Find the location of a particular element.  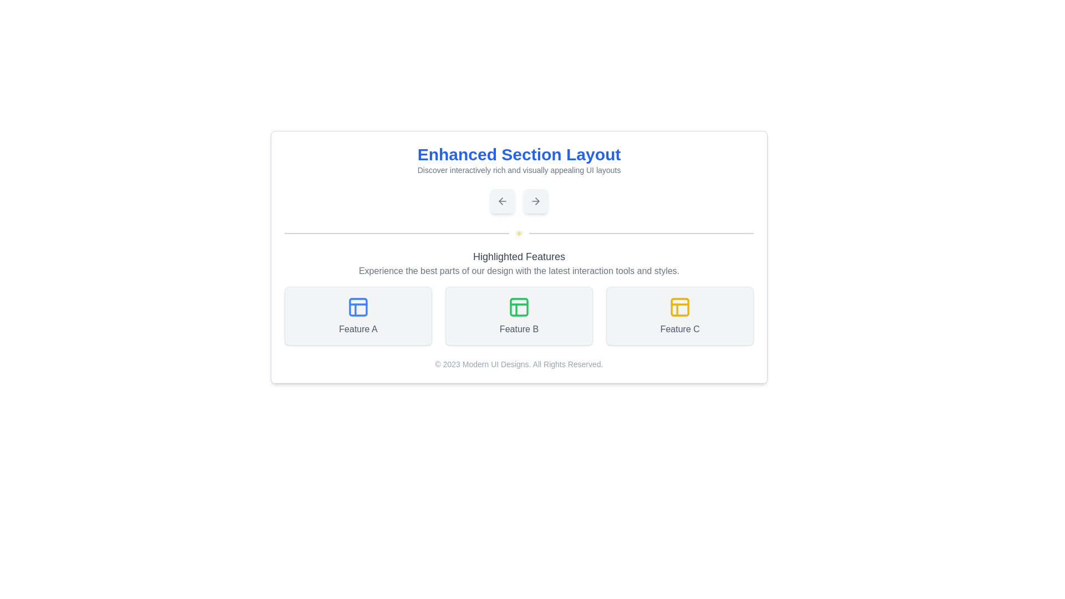

the text element styled in gray that reads 'Experience the best parts of our design with the latest interaction tools and styles.', located below the title 'Highlighted Features' is located at coordinates (519, 271).